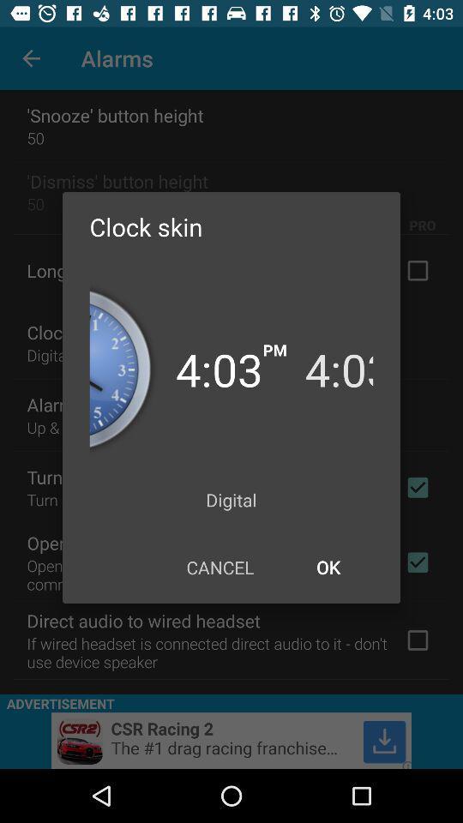 This screenshot has height=823, width=463. Describe the element at coordinates (219, 567) in the screenshot. I see `the icon next to the ok icon` at that location.